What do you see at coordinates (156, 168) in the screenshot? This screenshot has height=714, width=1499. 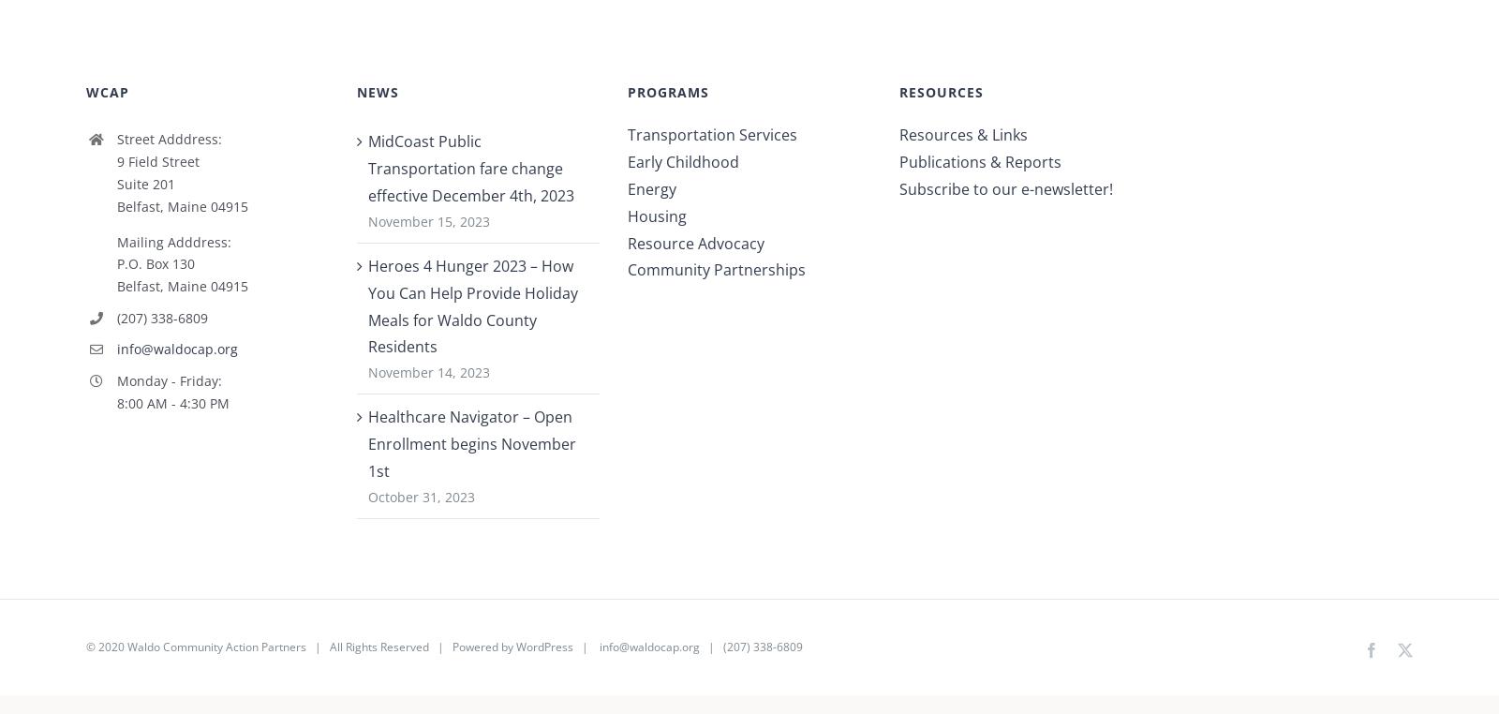 I see `'9 Field Street'` at bounding box center [156, 168].